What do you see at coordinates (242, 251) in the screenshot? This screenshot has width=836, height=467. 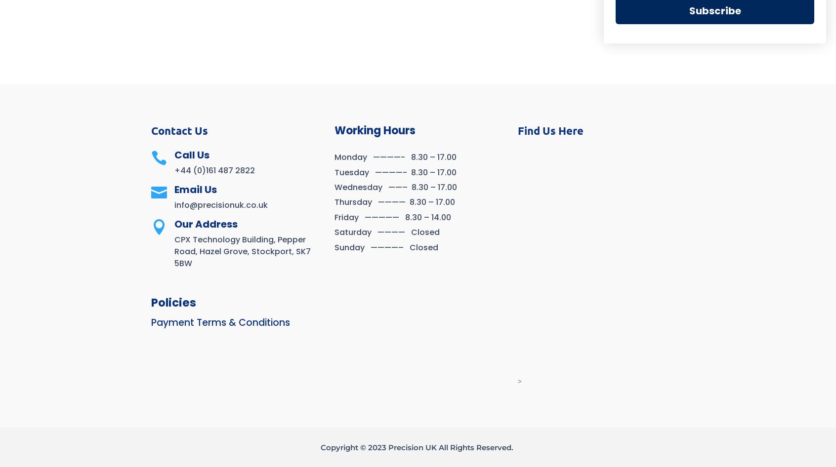 I see `'CPX Technology Building, Pepper Road, Hazel Grove, Stockport, SK7 5BW'` at bounding box center [242, 251].